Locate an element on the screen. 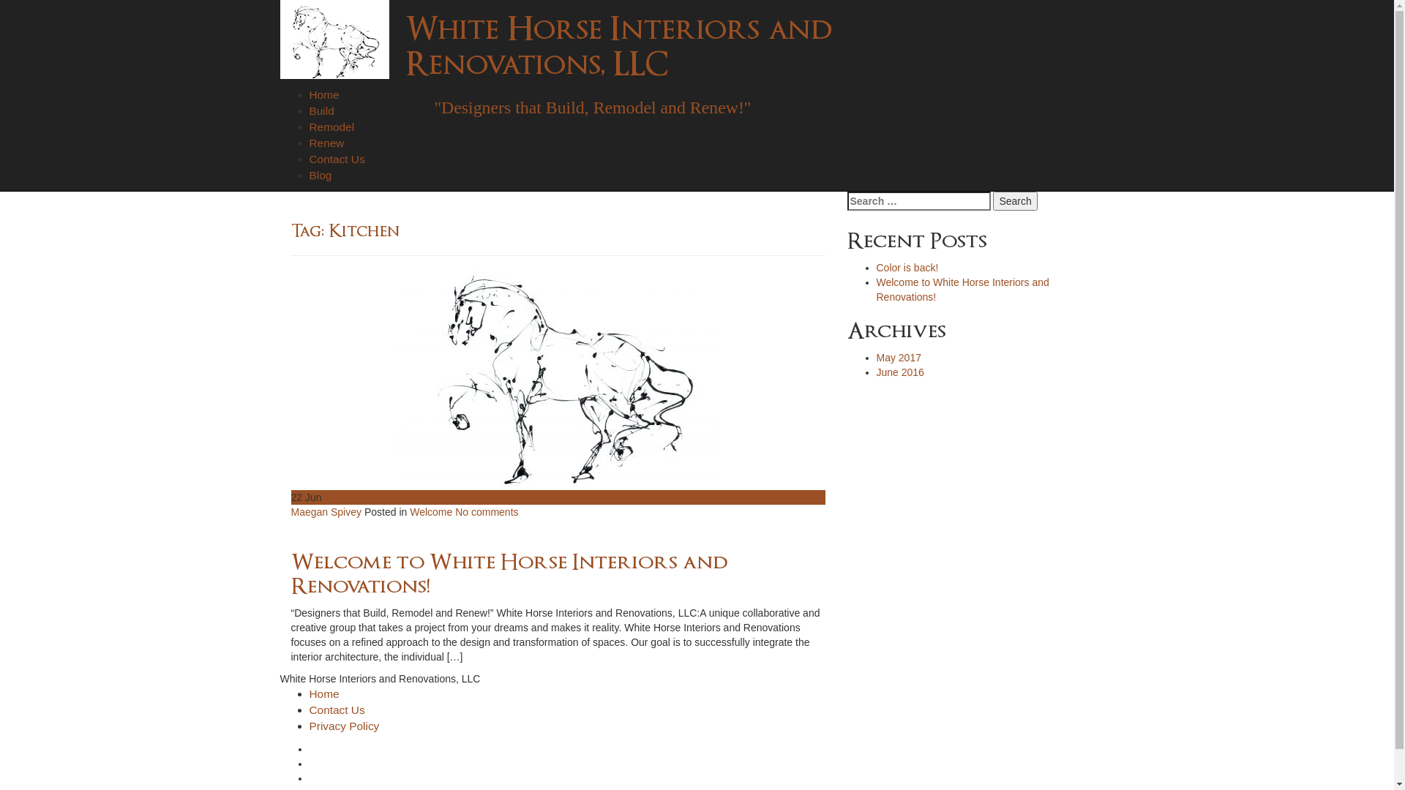 The width and height of the screenshot is (1405, 790). 'Blog' is located at coordinates (308, 174).